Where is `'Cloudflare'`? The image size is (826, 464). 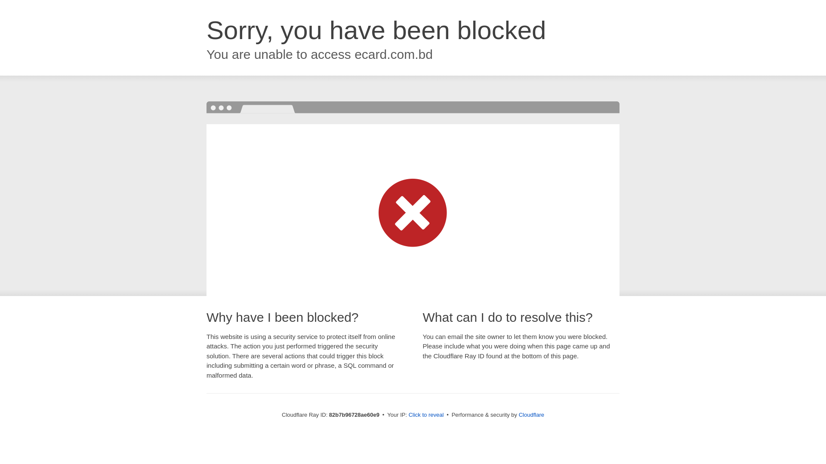 'Cloudflare' is located at coordinates (531, 414).